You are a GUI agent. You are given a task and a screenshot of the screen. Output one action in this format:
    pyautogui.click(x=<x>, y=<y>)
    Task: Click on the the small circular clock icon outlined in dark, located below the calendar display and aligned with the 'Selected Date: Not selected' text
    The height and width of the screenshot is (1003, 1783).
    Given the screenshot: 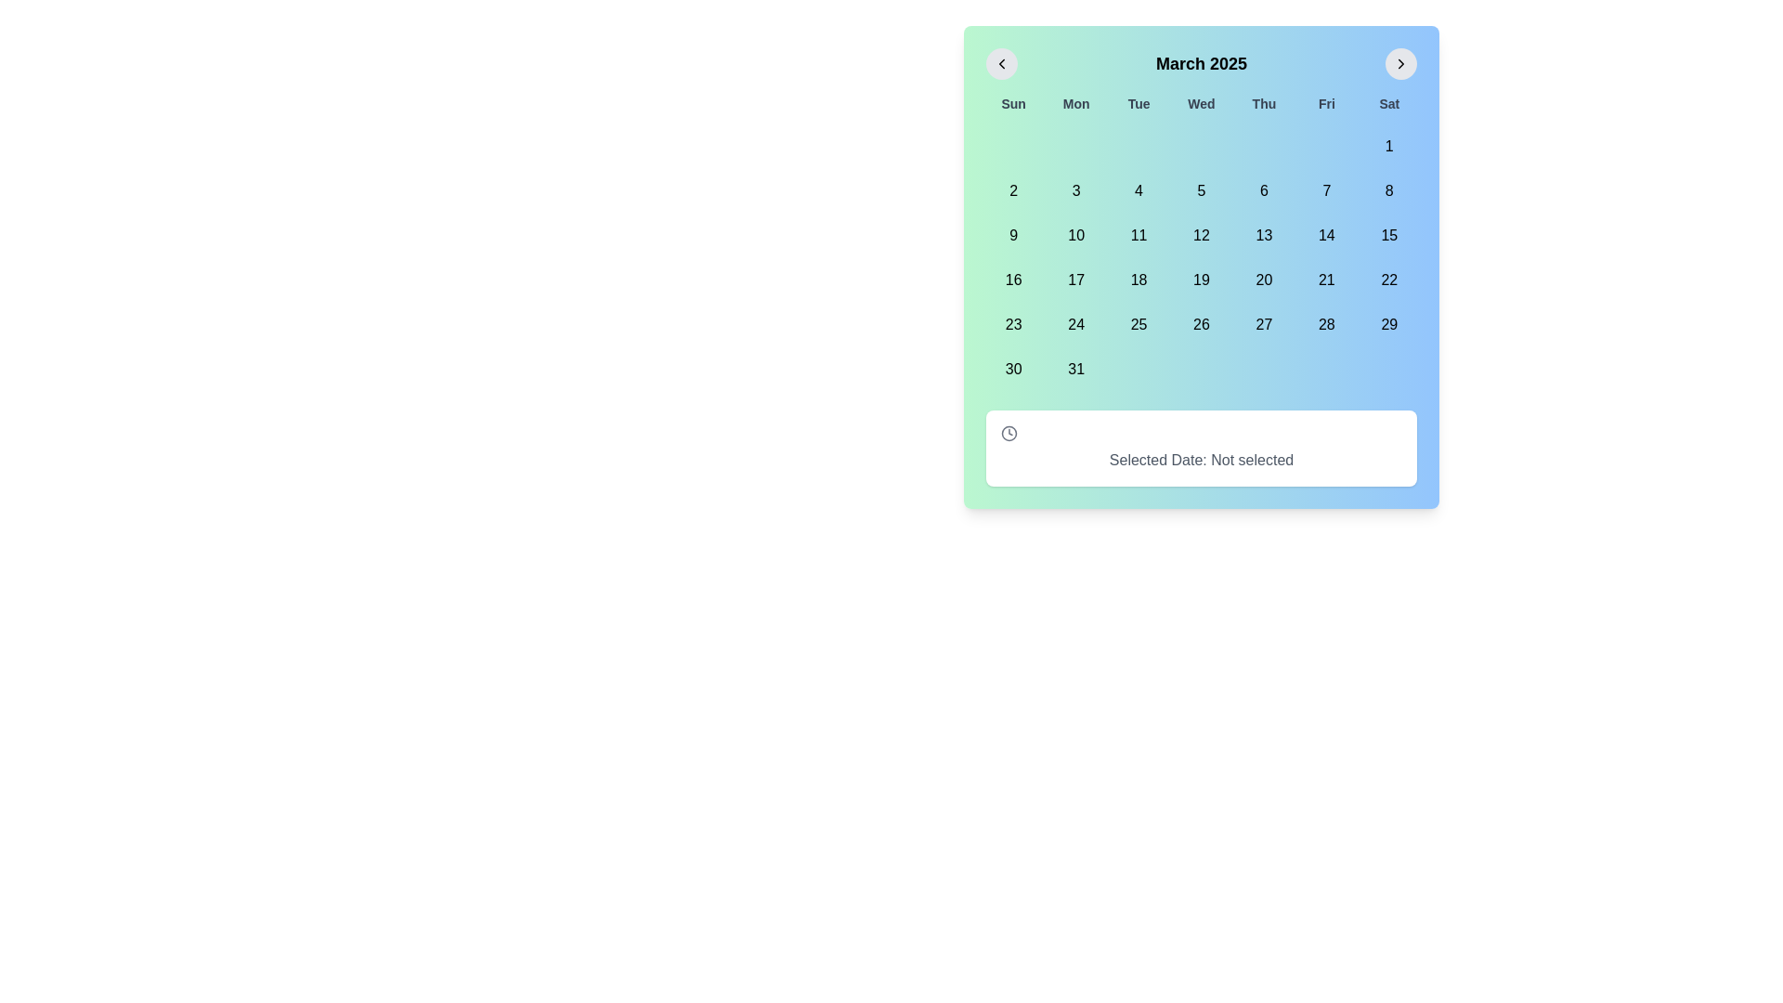 What is the action you would take?
    pyautogui.click(x=1008, y=433)
    